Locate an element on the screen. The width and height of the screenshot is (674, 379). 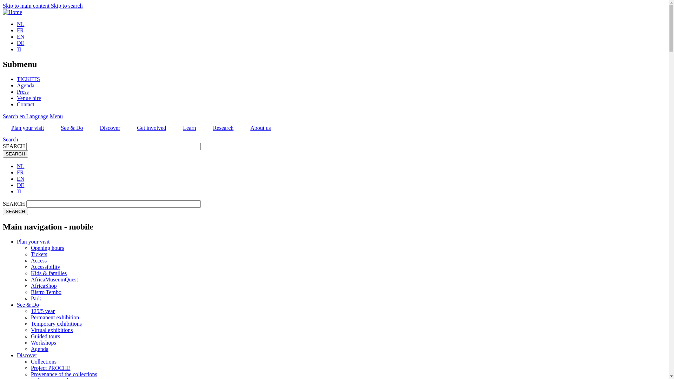
'Learn' is located at coordinates (174, 128).